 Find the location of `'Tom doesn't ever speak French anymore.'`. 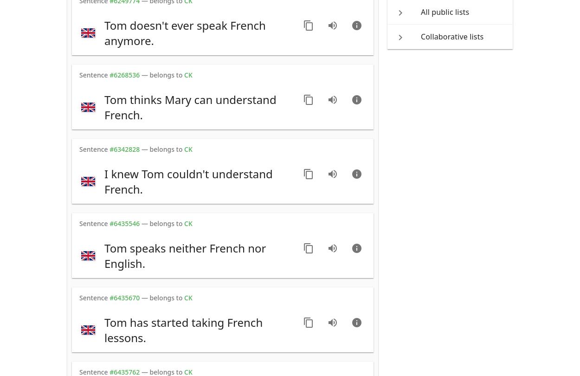

'Tom doesn't ever speak French anymore.' is located at coordinates (185, 33).